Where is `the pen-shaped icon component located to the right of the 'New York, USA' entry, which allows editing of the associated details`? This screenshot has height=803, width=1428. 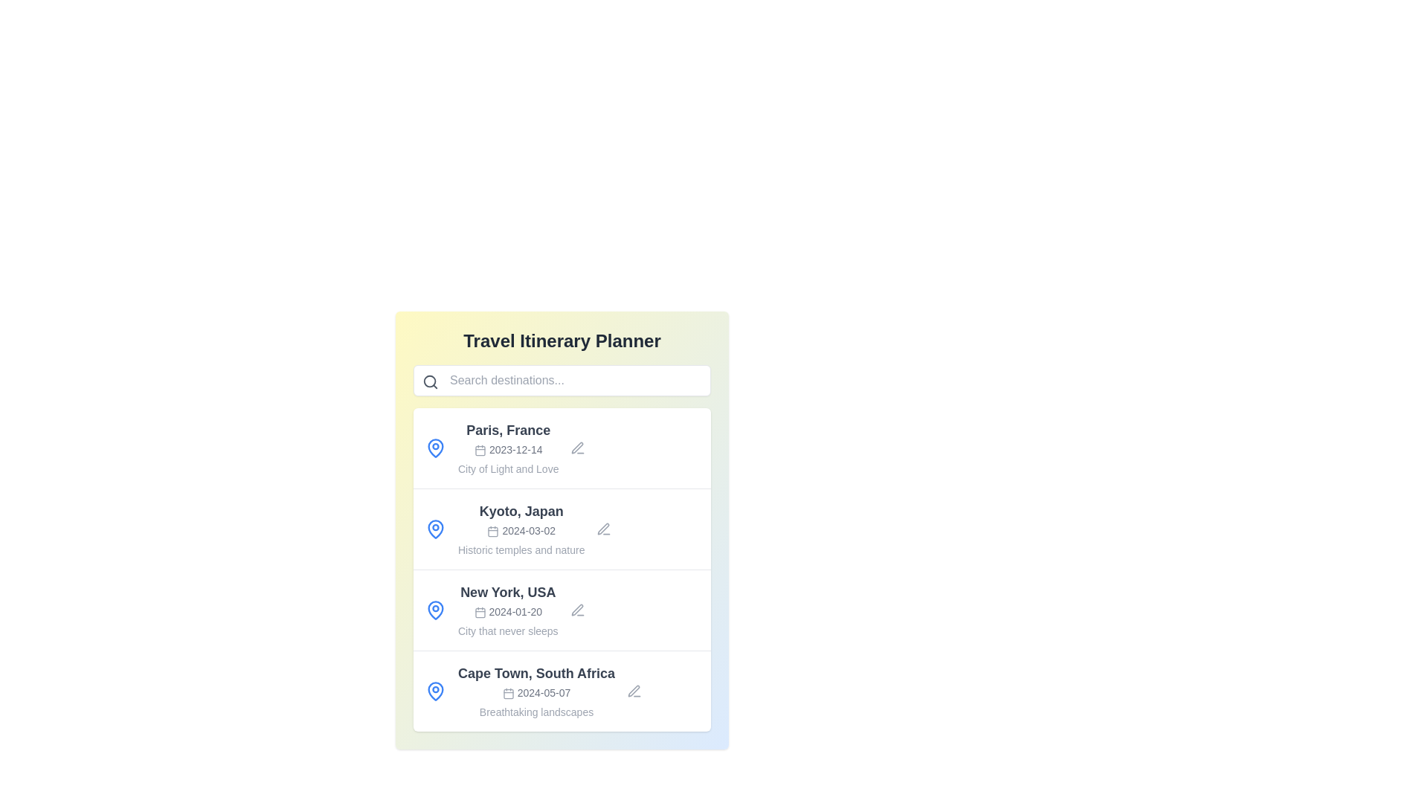
the pen-shaped icon component located to the right of the 'New York, USA' entry, which allows editing of the associated details is located at coordinates (576, 610).